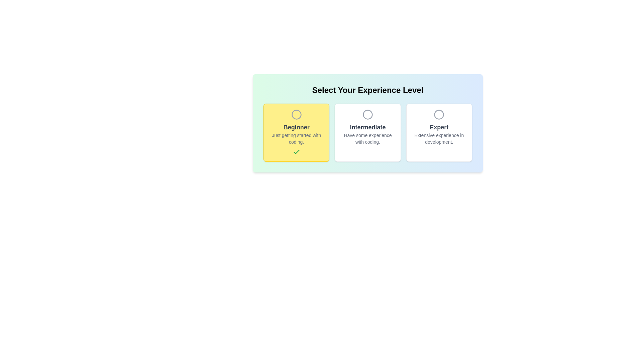 This screenshot has height=361, width=642. What do you see at coordinates (367, 114) in the screenshot?
I see `the circular radio button with a gray border located in the 'Intermediate' selection card in the UI panel for experience levels` at bounding box center [367, 114].